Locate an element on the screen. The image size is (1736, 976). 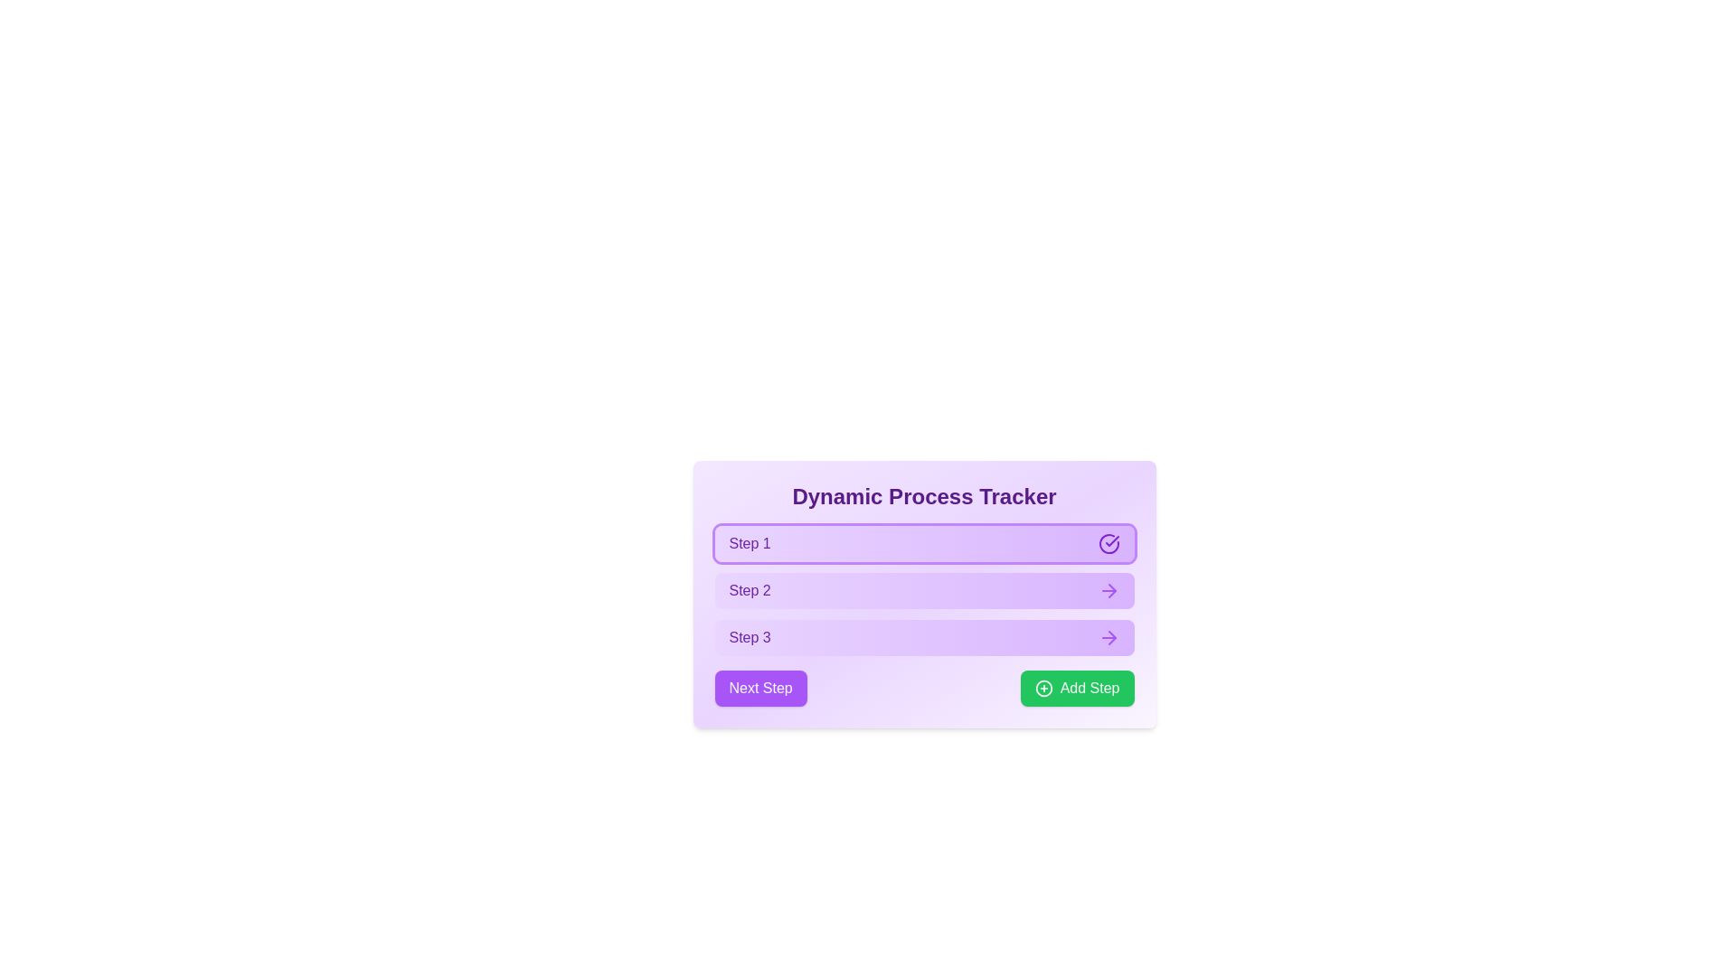
the graphic icon located inside the 'Add Step' button, which signifies the action is located at coordinates (1043, 689).